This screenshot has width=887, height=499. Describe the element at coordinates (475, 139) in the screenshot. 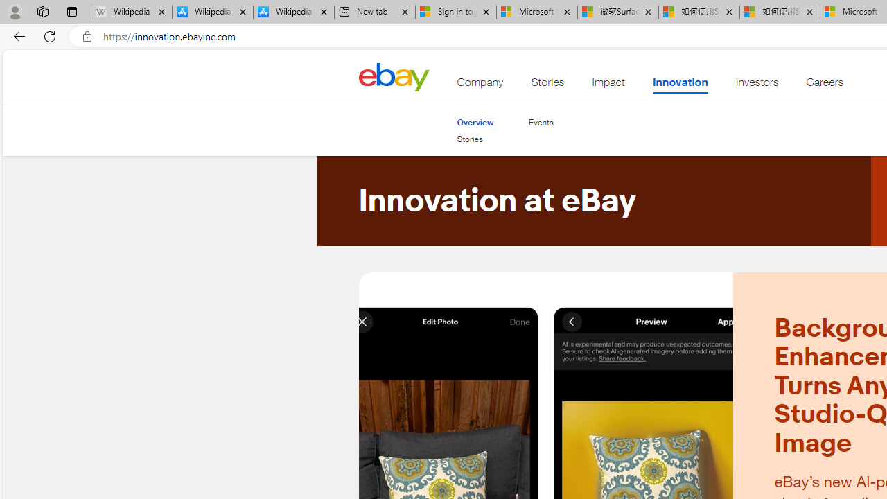

I see `'Stories'` at that location.